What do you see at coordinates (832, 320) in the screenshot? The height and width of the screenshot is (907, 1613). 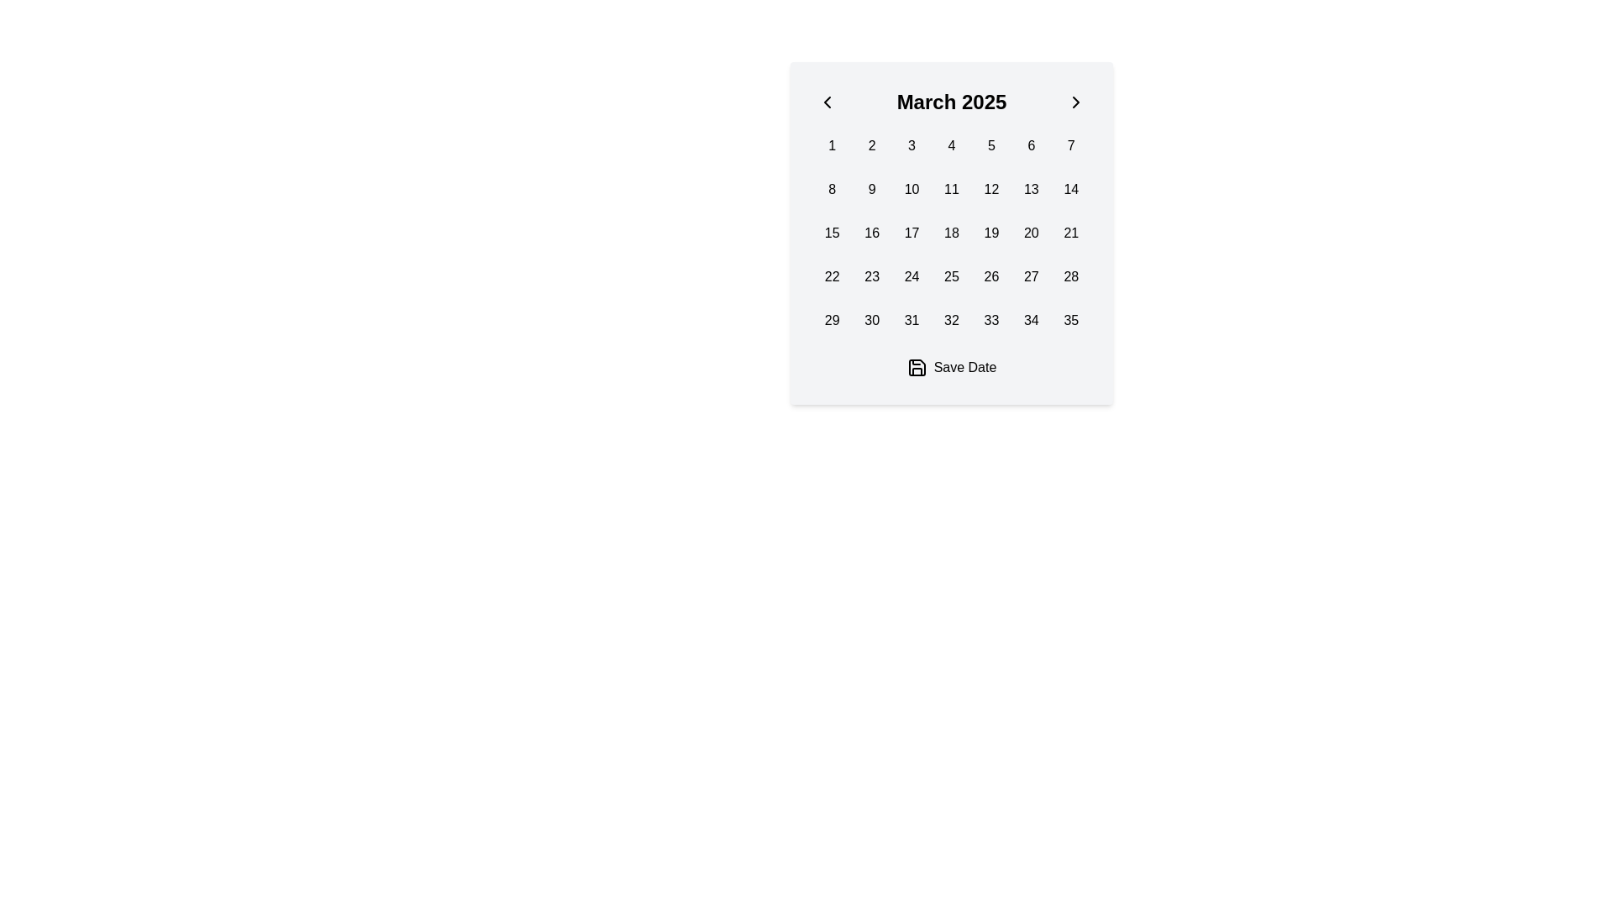 I see `the 29th day button in the calendar grid` at bounding box center [832, 320].